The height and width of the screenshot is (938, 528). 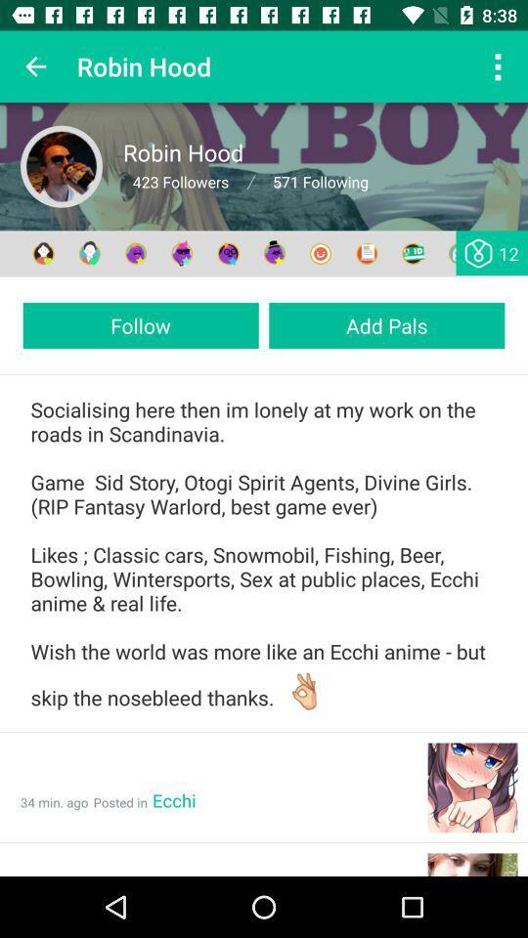 What do you see at coordinates (227, 252) in the screenshot?
I see `emblem` at bounding box center [227, 252].